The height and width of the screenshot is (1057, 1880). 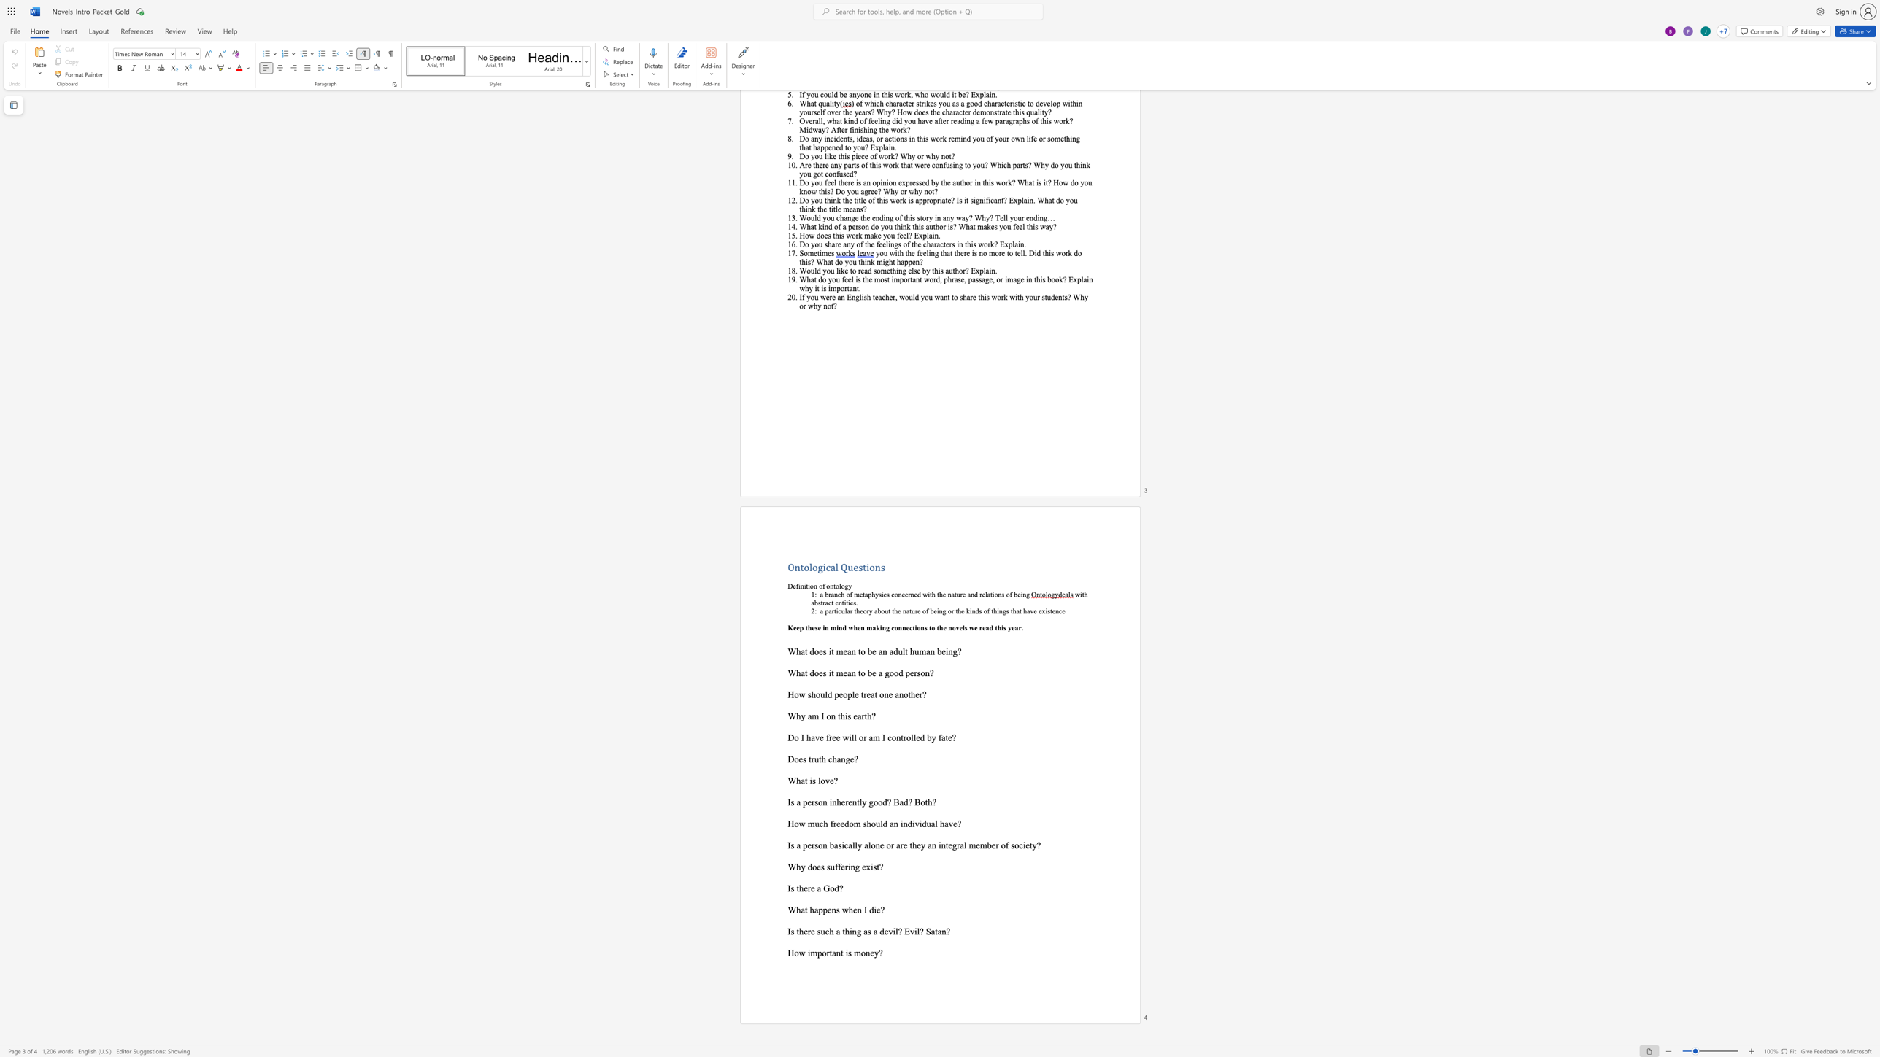 I want to click on the space between the continuous character "l" and "d" in the text, so click(x=827, y=694).